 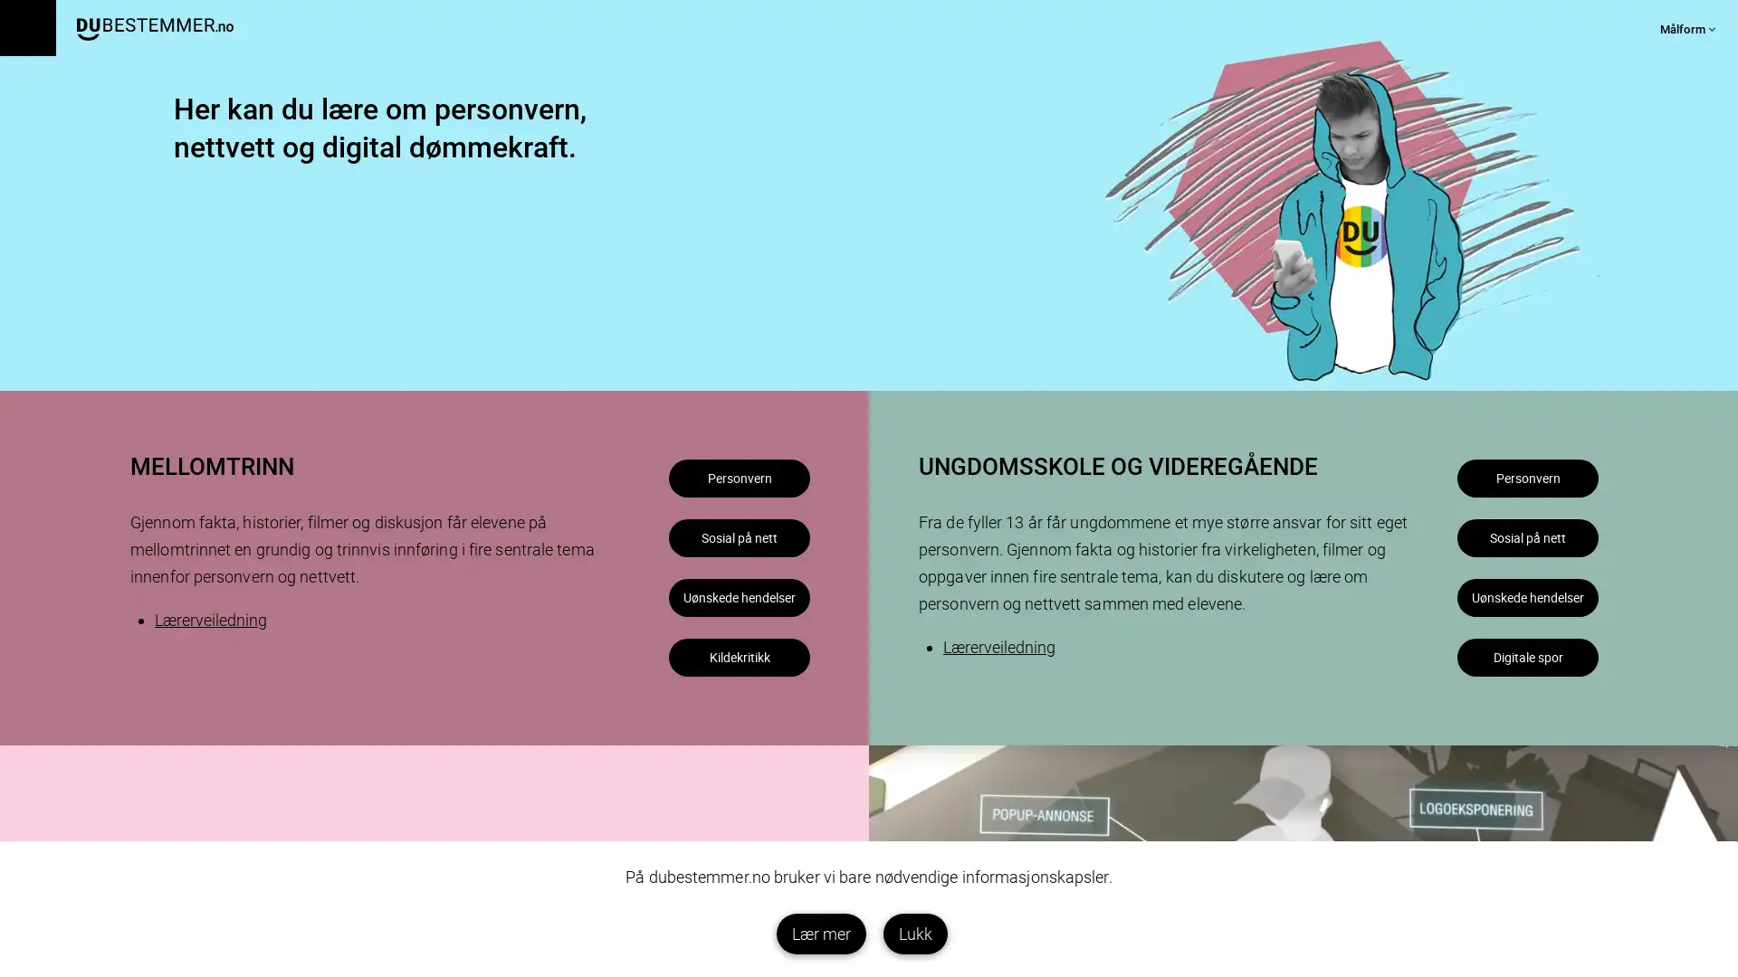 I want to click on Sosial pa nett, so click(x=1465, y=585).